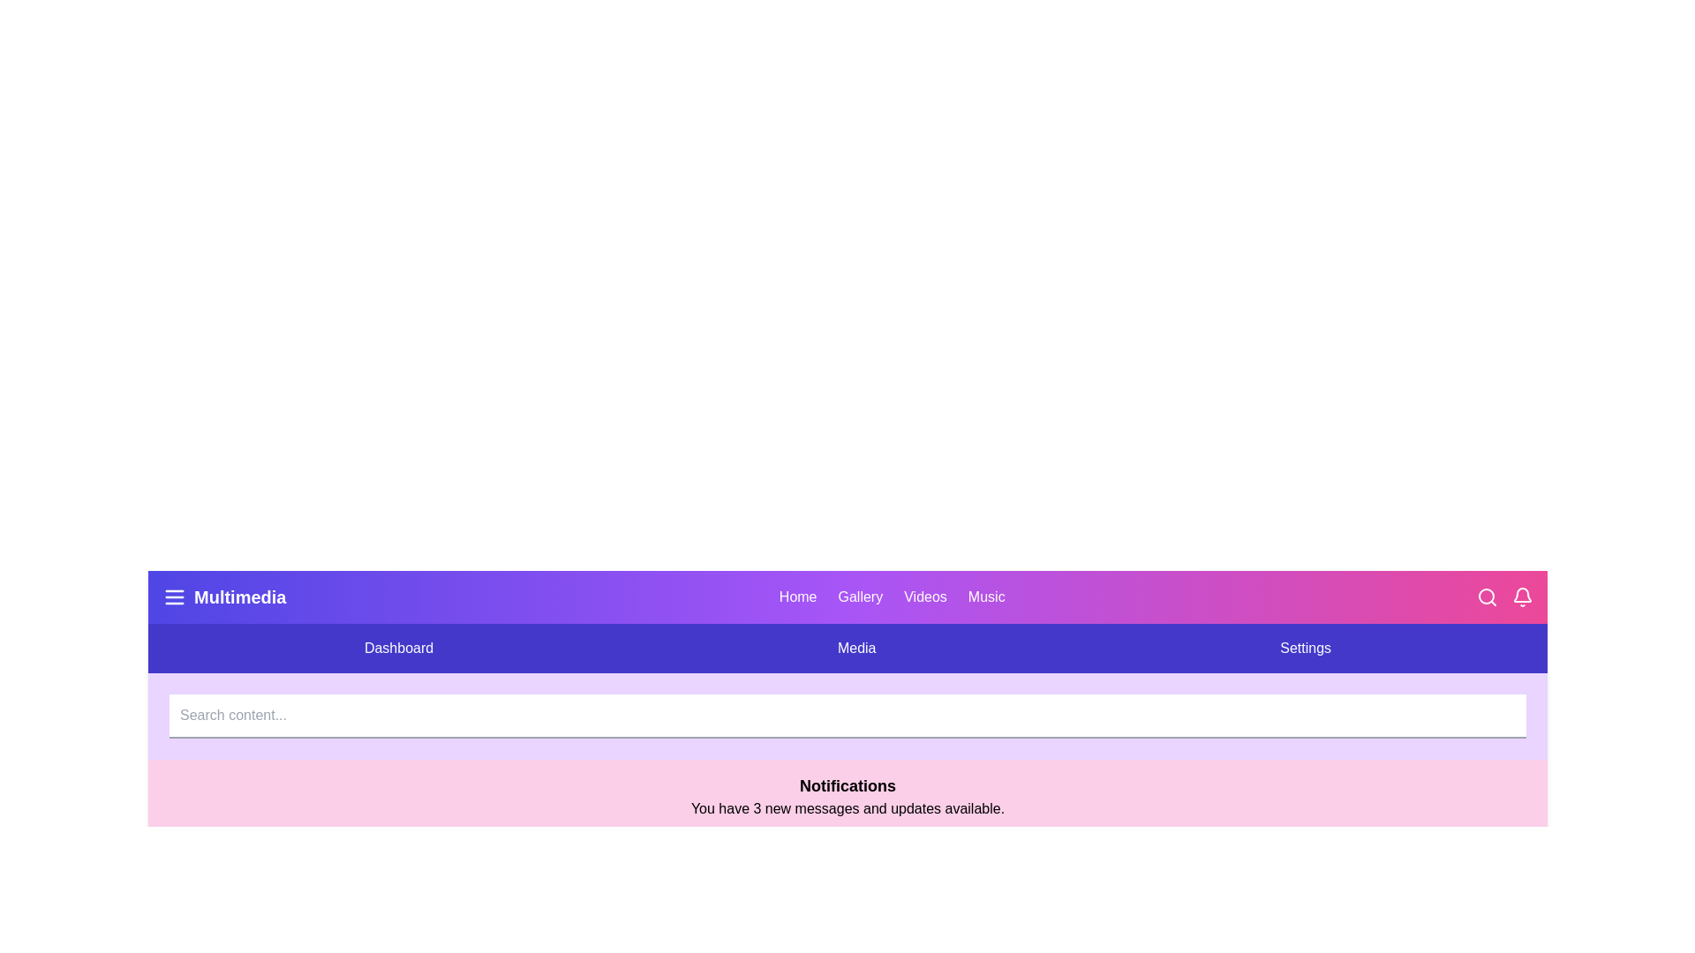 The height and width of the screenshot is (953, 1695). Describe the element at coordinates (860, 597) in the screenshot. I see `the section labeled Gallery in the navigation bar` at that location.